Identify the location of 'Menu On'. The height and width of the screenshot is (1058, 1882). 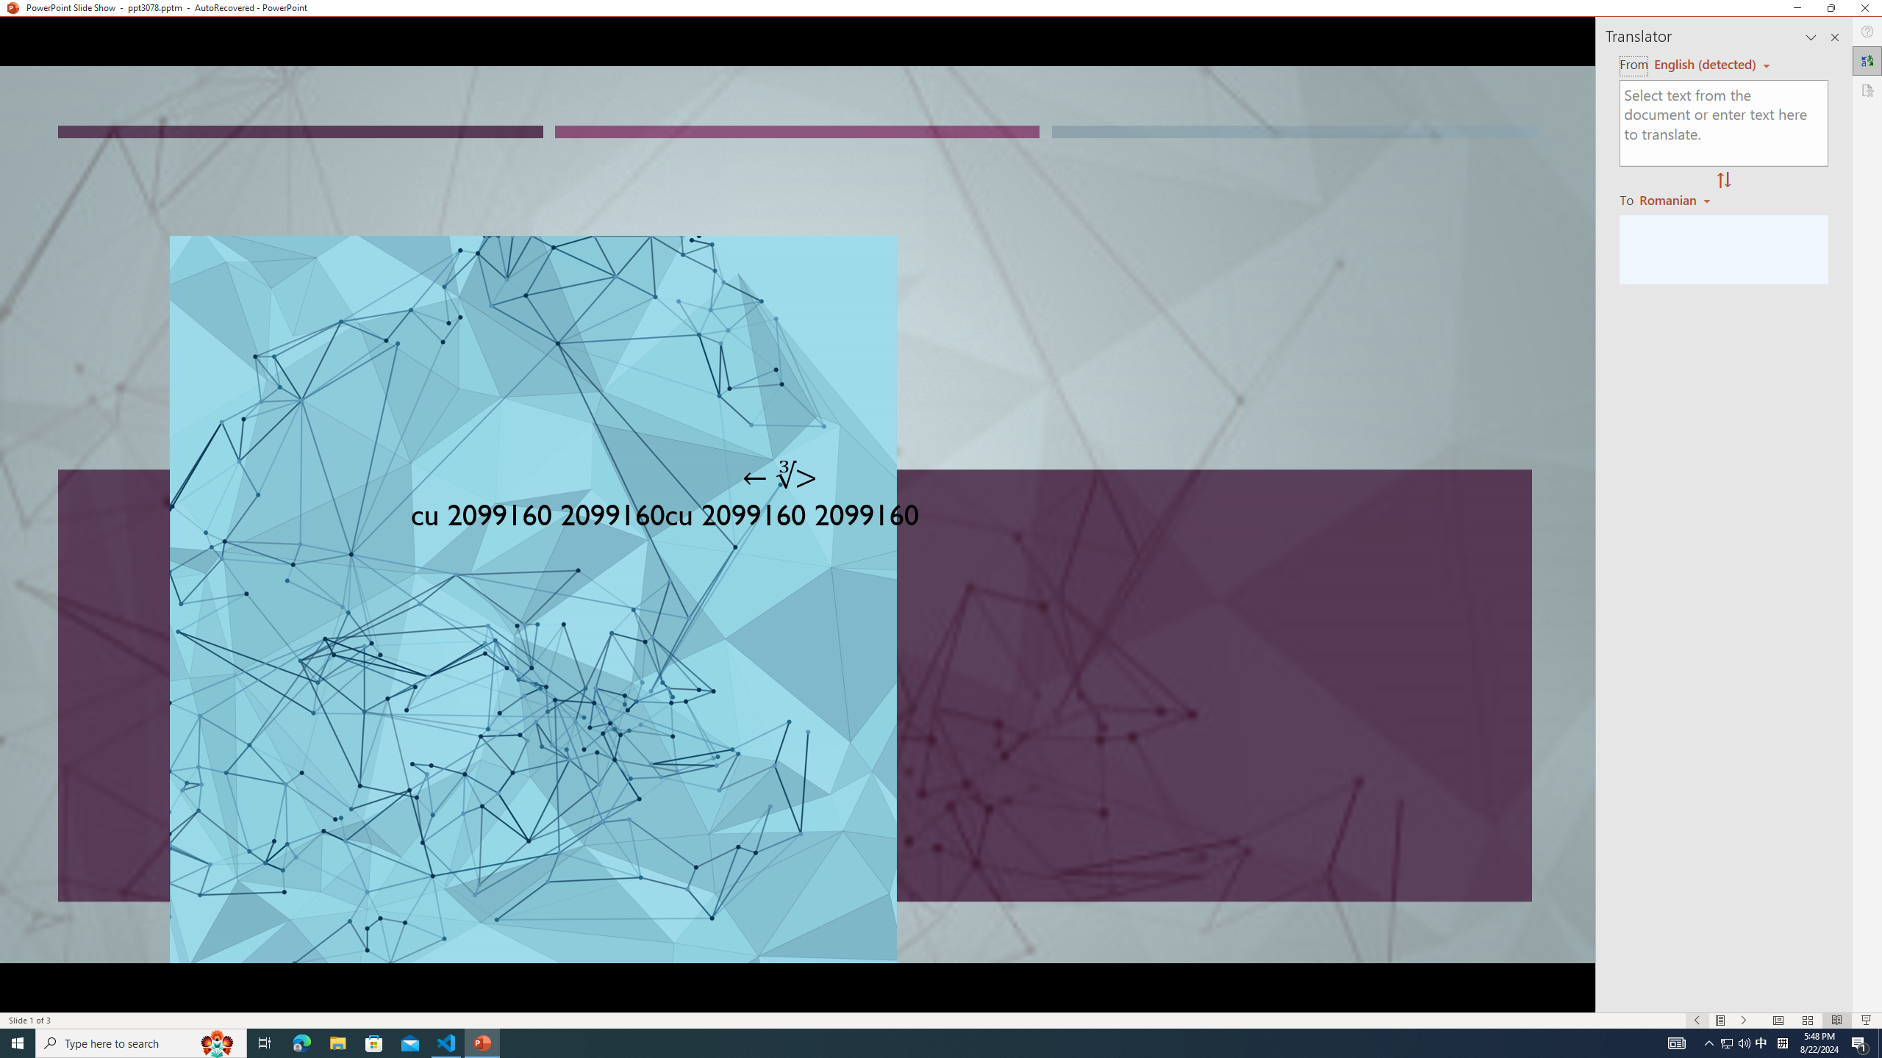
(1720, 1021).